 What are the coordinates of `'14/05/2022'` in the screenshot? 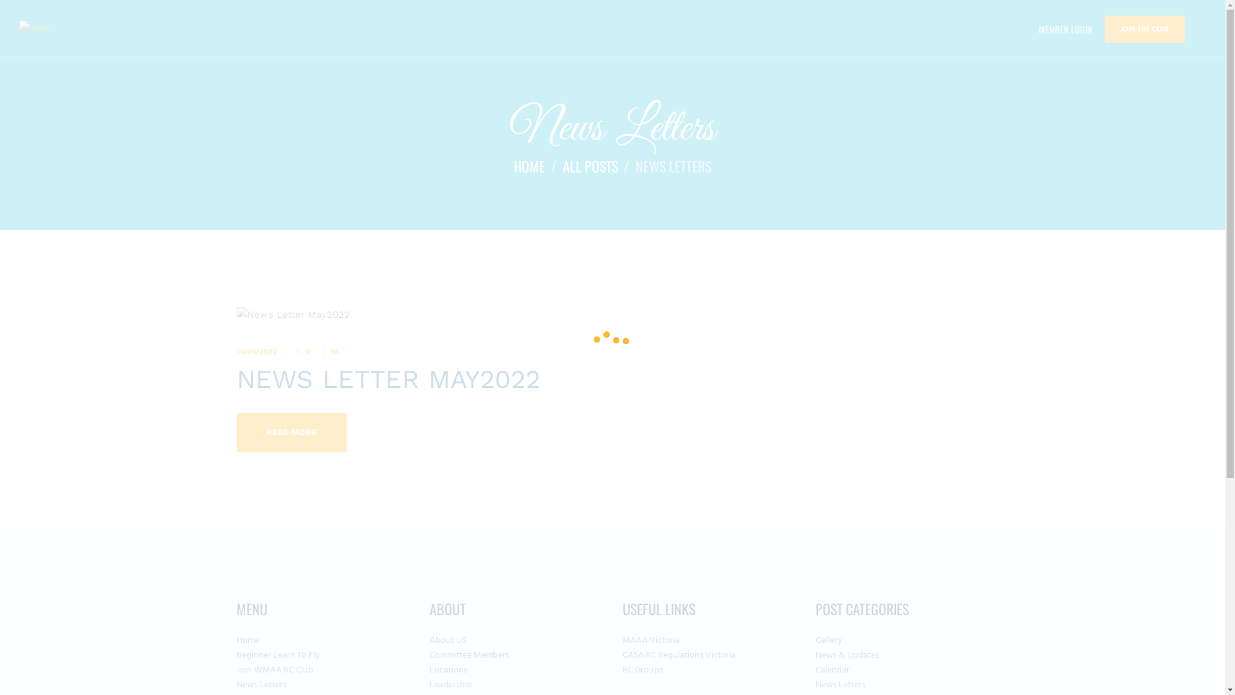 It's located at (257, 351).